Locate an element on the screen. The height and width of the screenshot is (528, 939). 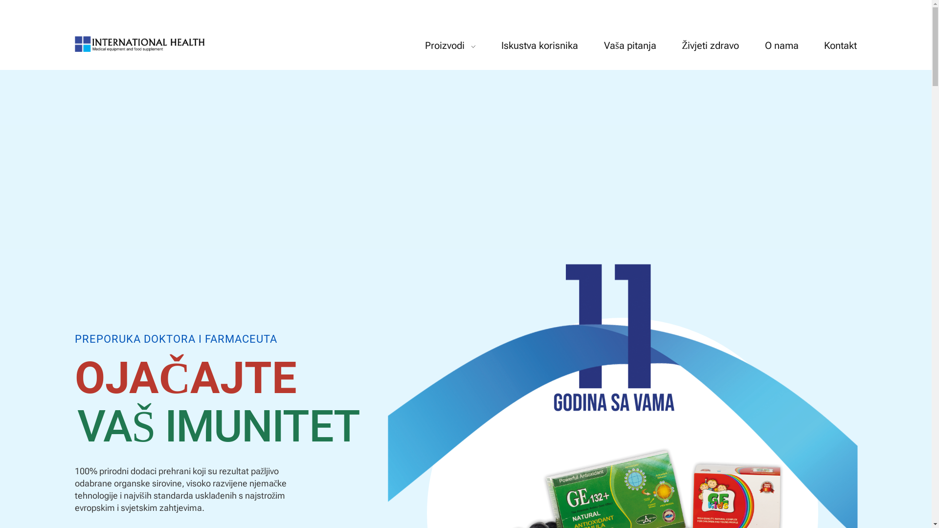
'GE132 | International Health BiH' is located at coordinates (139, 43).